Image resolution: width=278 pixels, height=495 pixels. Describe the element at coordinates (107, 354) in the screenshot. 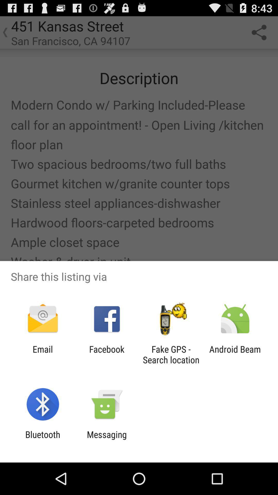

I see `the facebook icon` at that location.